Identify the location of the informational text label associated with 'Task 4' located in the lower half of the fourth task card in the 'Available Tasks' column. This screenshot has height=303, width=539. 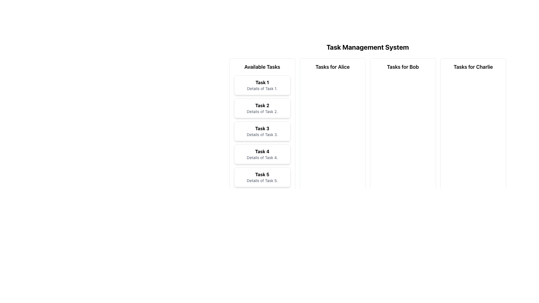
(262, 158).